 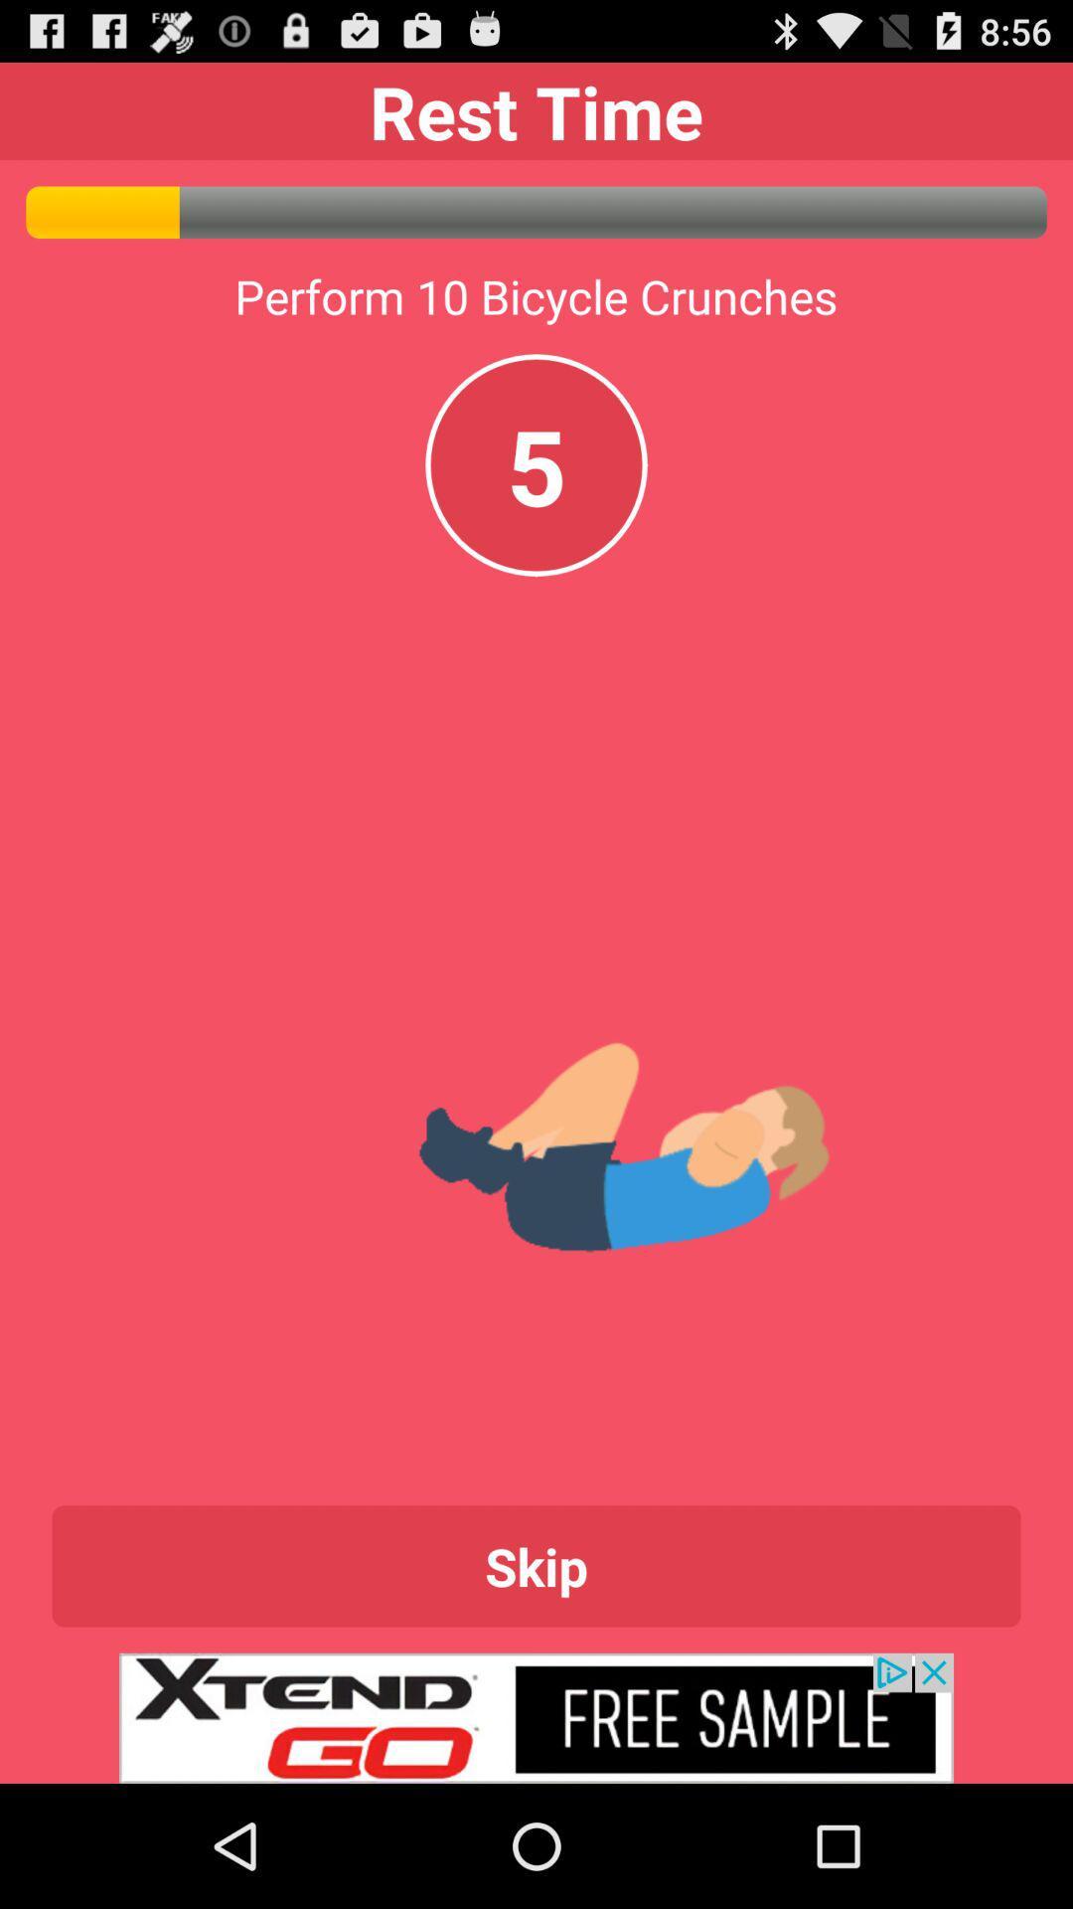 What do you see at coordinates (536, 1717) in the screenshot?
I see `clickable advertisement` at bounding box center [536, 1717].